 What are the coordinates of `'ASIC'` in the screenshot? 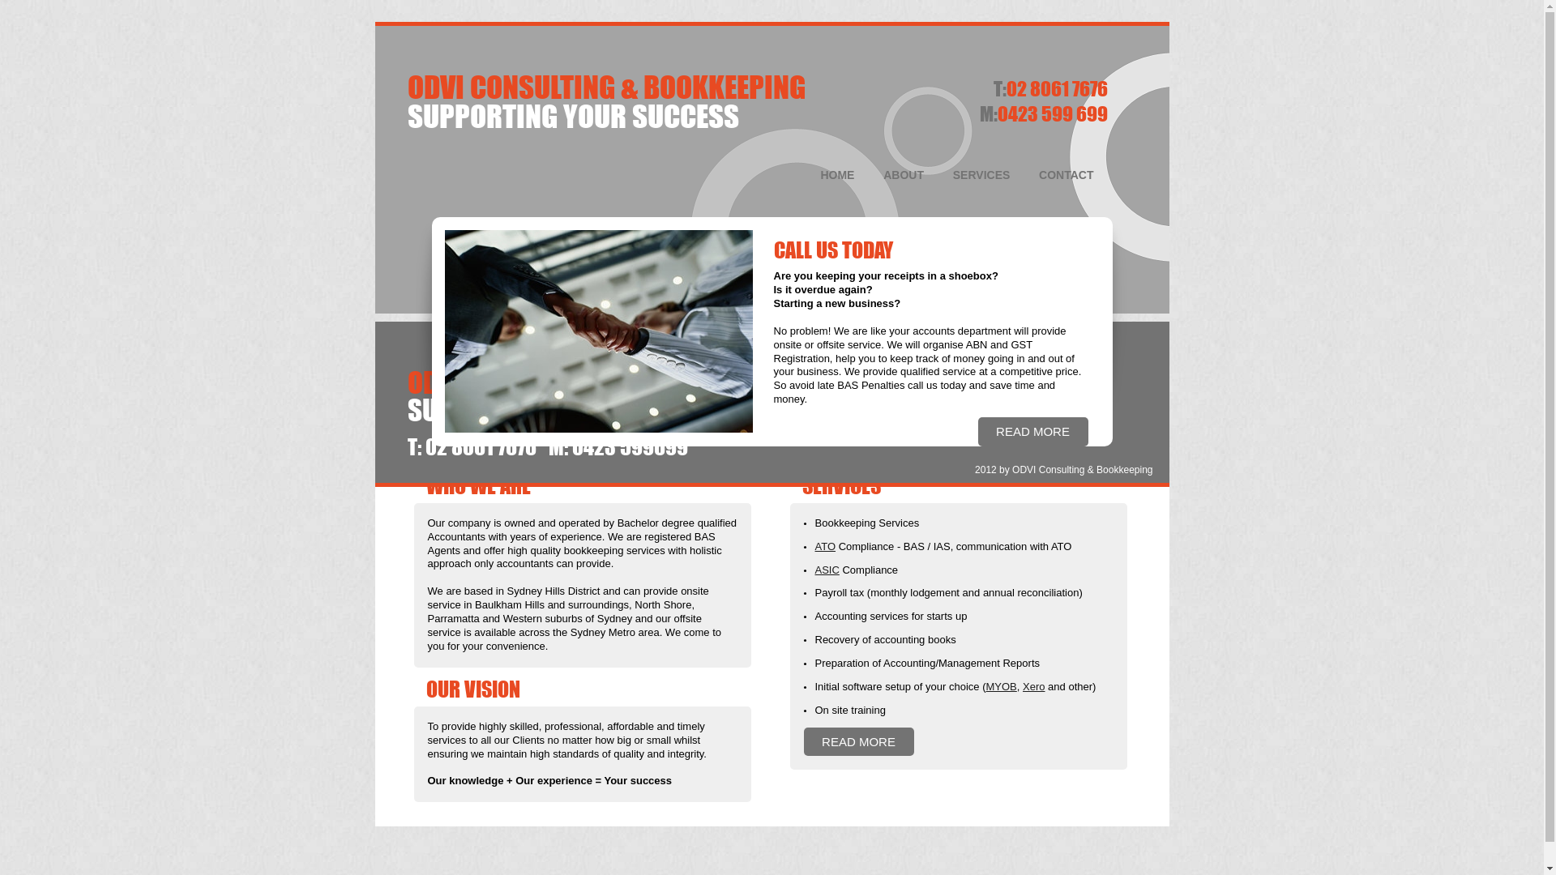 It's located at (815, 569).